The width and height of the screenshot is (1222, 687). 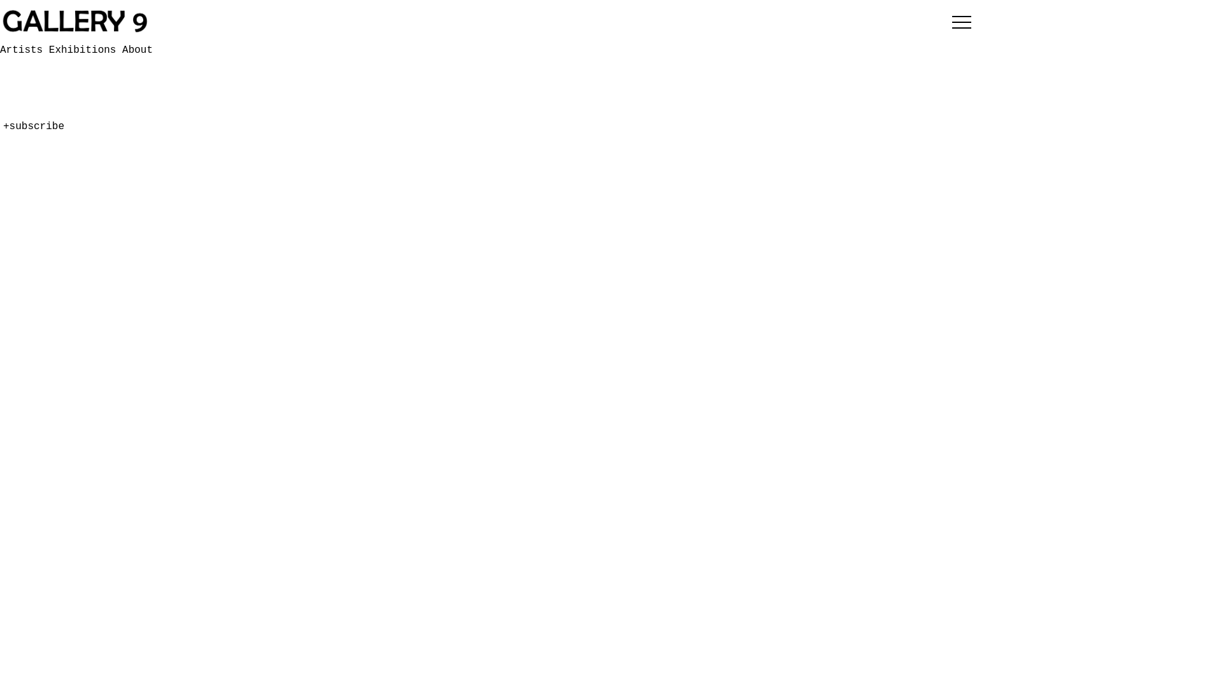 I want to click on 'About', so click(x=137, y=49).